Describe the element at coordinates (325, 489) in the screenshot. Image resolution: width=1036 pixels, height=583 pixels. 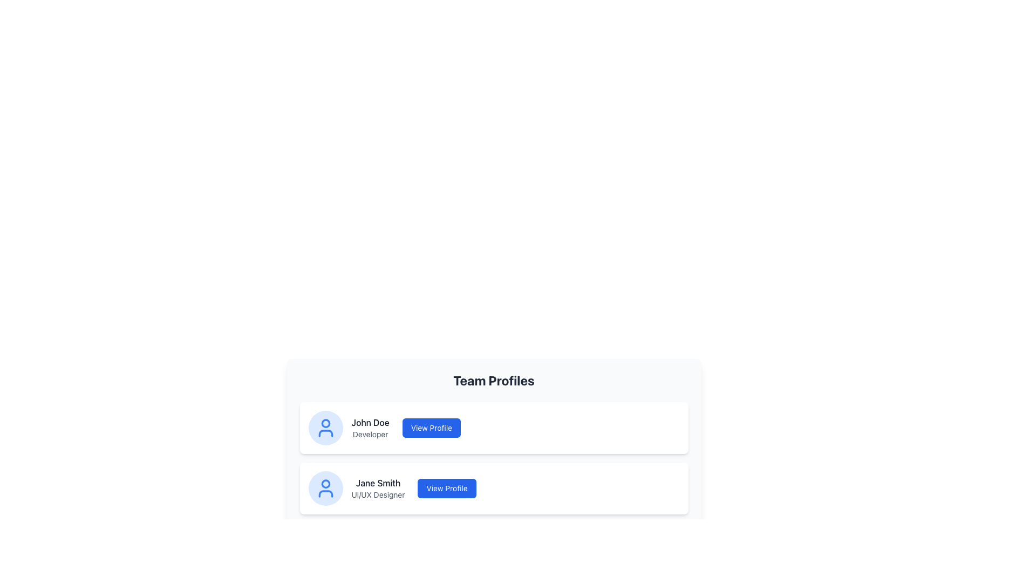
I see `the user profile icon representing Jane Smith, located below the heading 'Team Profiles' and adjacent to the text 'UI/UX Designer'` at that location.